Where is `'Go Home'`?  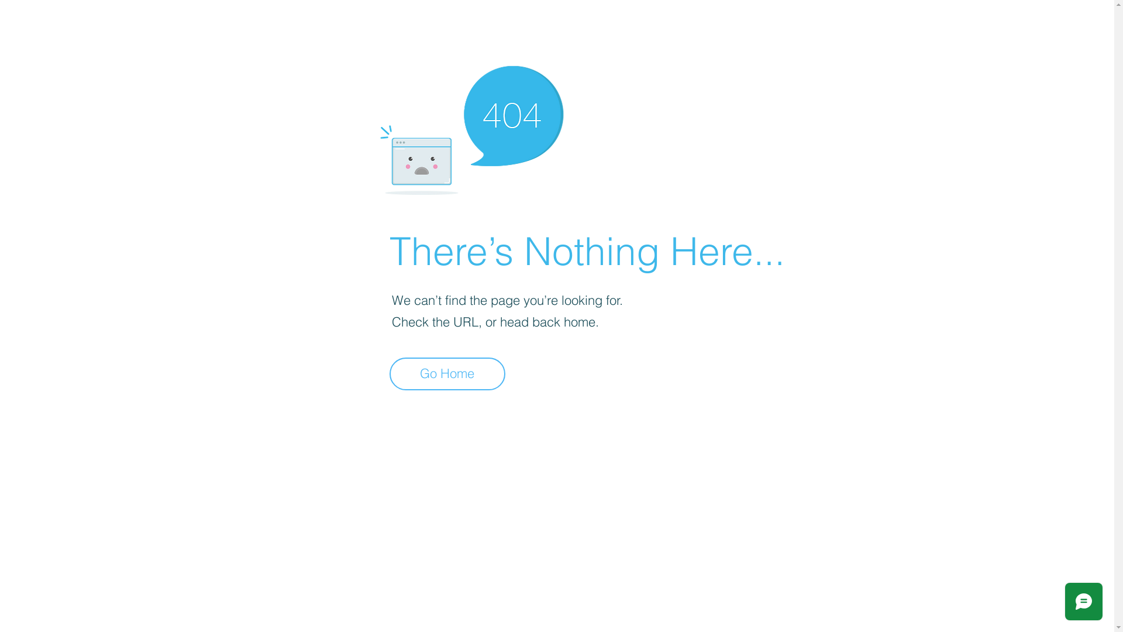
'Go Home' is located at coordinates (390, 374).